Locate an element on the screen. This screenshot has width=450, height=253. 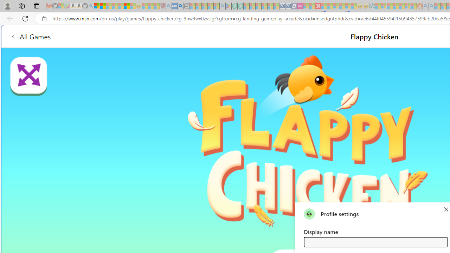
'google - Search - Sleeping' is located at coordinates (222, 6).